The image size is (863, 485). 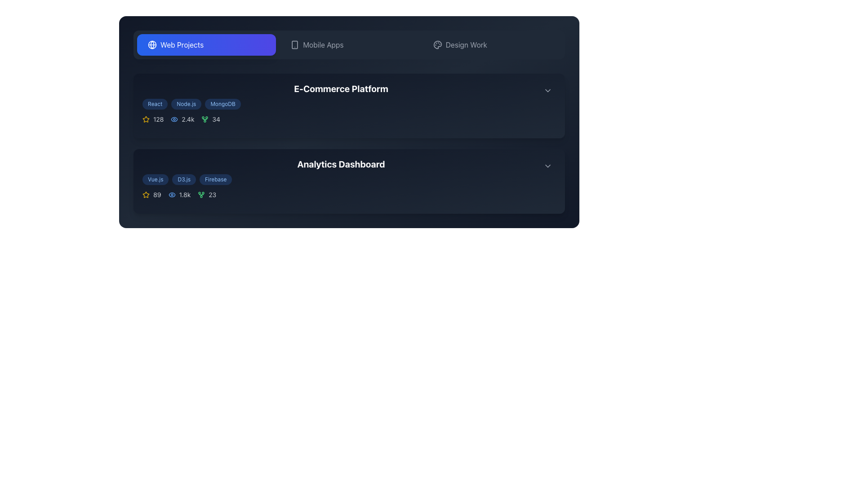 I want to click on the views indicator icon located within the overview section of the 'Analytics Dashboard' card, positioned between the star icon and the plant-like icon, so click(x=172, y=194).